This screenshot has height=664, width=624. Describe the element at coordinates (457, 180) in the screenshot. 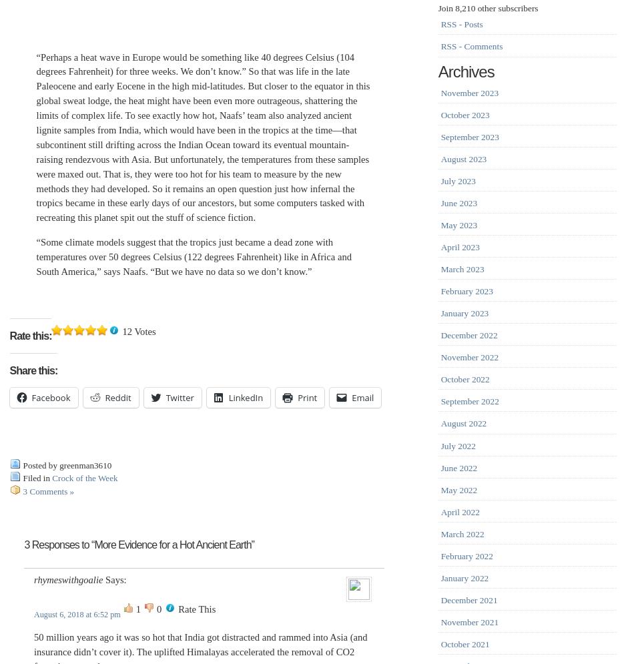

I see `'July 2023'` at that location.